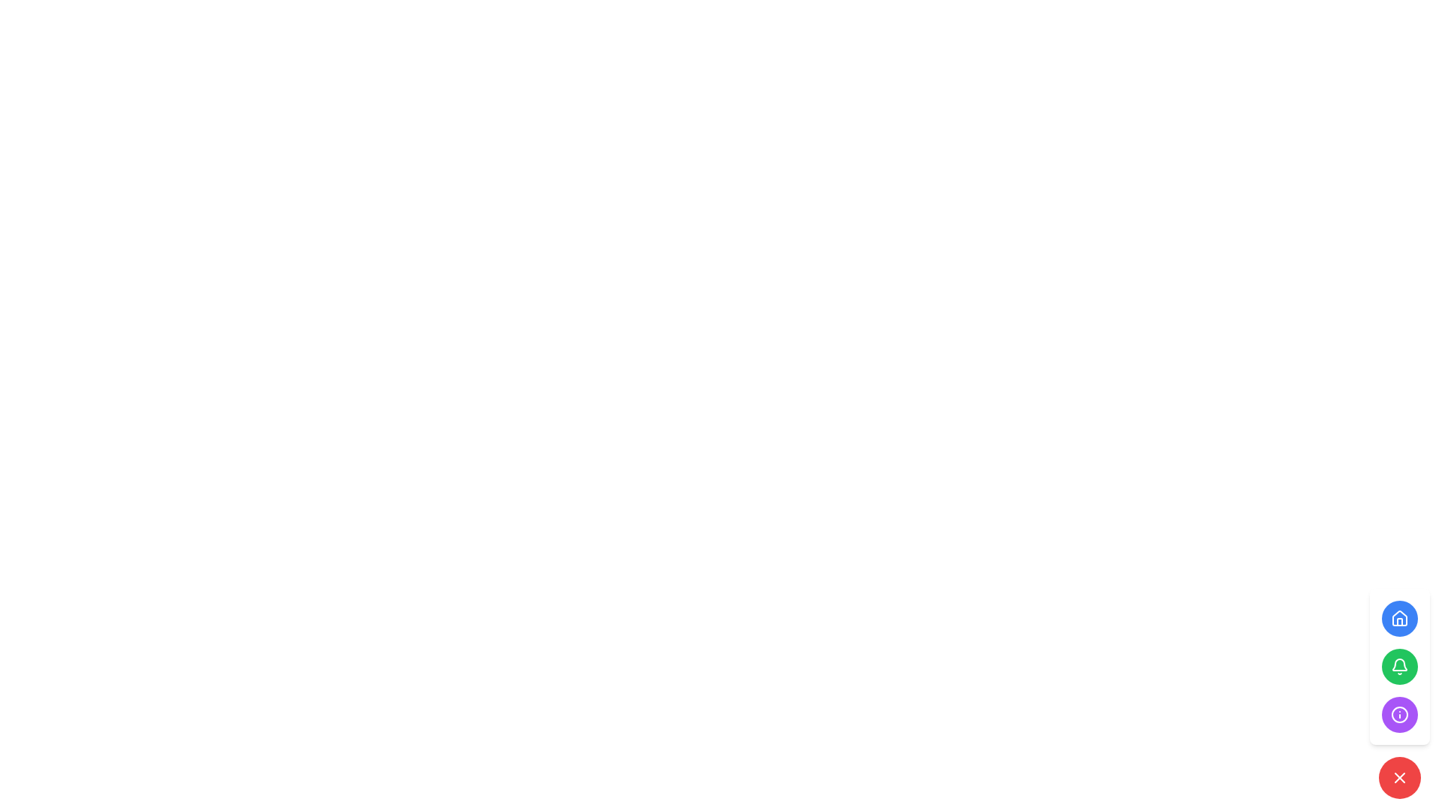 This screenshot has width=1442, height=811. I want to click on the door area of the house-shaped icon, which is visually identifiable as a door within the house symbol, located in the mid-lower section of the icon, so click(1398, 622).